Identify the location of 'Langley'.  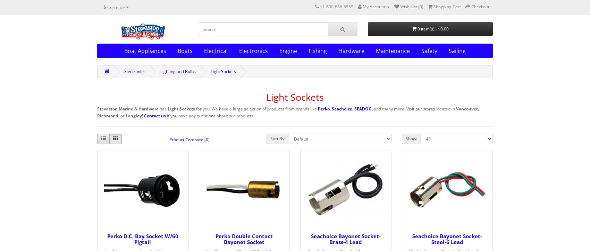
(133, 116).